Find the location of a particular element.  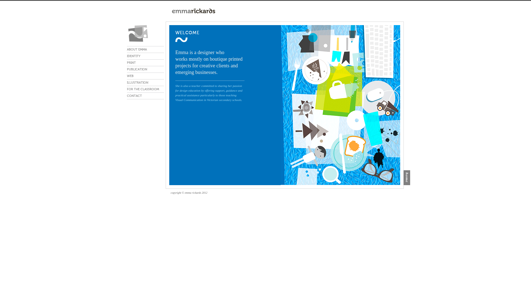

'ABOUT EMMA' is located at coordinates (145, 49).